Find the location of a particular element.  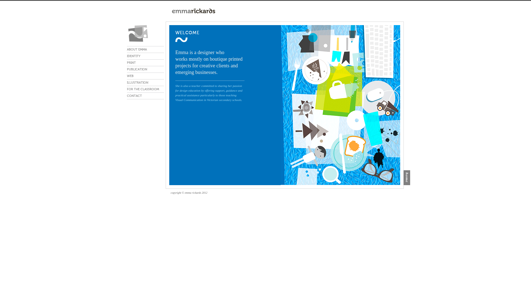

'ABOUT EMMA' is located at coordinates (145, 49).